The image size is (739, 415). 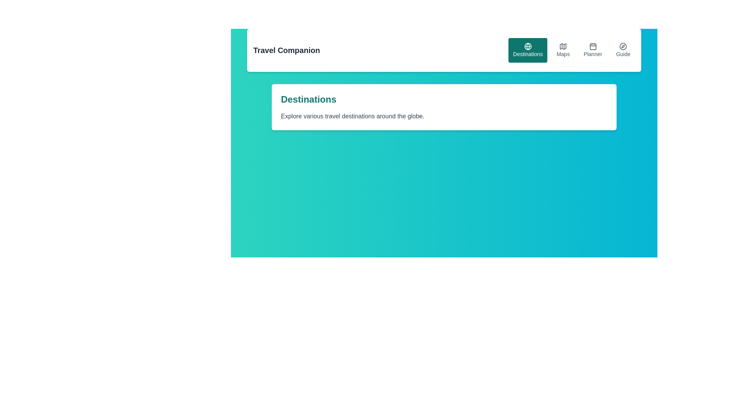 What do you see at coordinates (592, 50) in the screenshot?
I see `the navigation button labeled 'Planner' which is styled with a calendar icon and positioned between the 'Maps' and 'Guide' buttons in the top-right section of the interface` at bounding box center [592, 50].